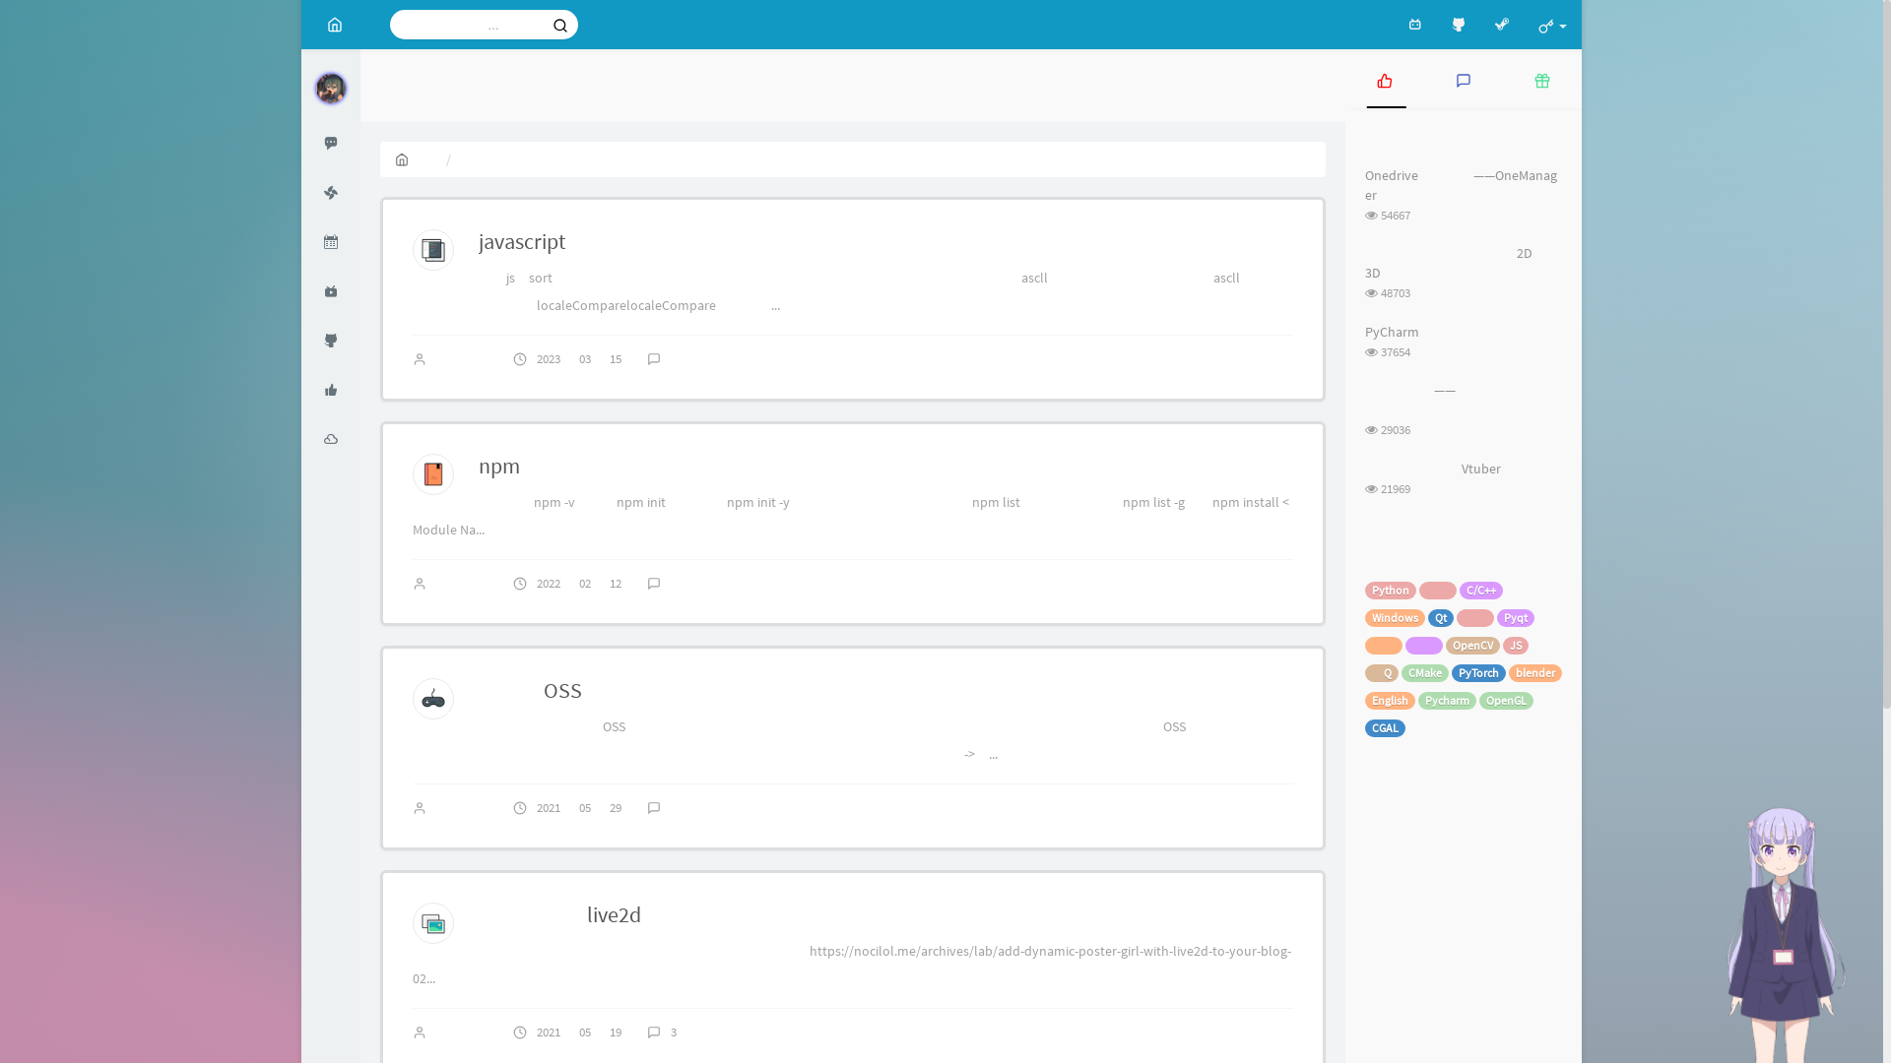 The image size is (1891, 1063). What do you see at coordinates (1497, 617) in the screenshot?
I see `'Pyqt'` at bounding box center [1497, 617].